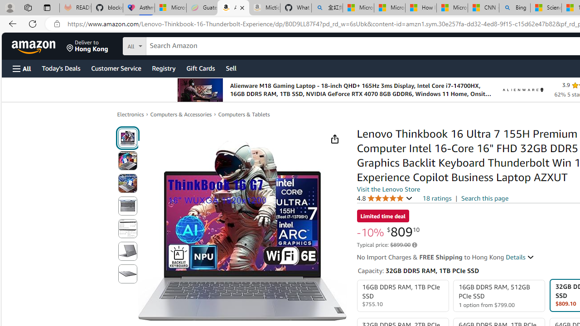  What do you see at coordinates (163, 67) in the screenshot?
I see `'Registry'` at bounding box center [163, 67].